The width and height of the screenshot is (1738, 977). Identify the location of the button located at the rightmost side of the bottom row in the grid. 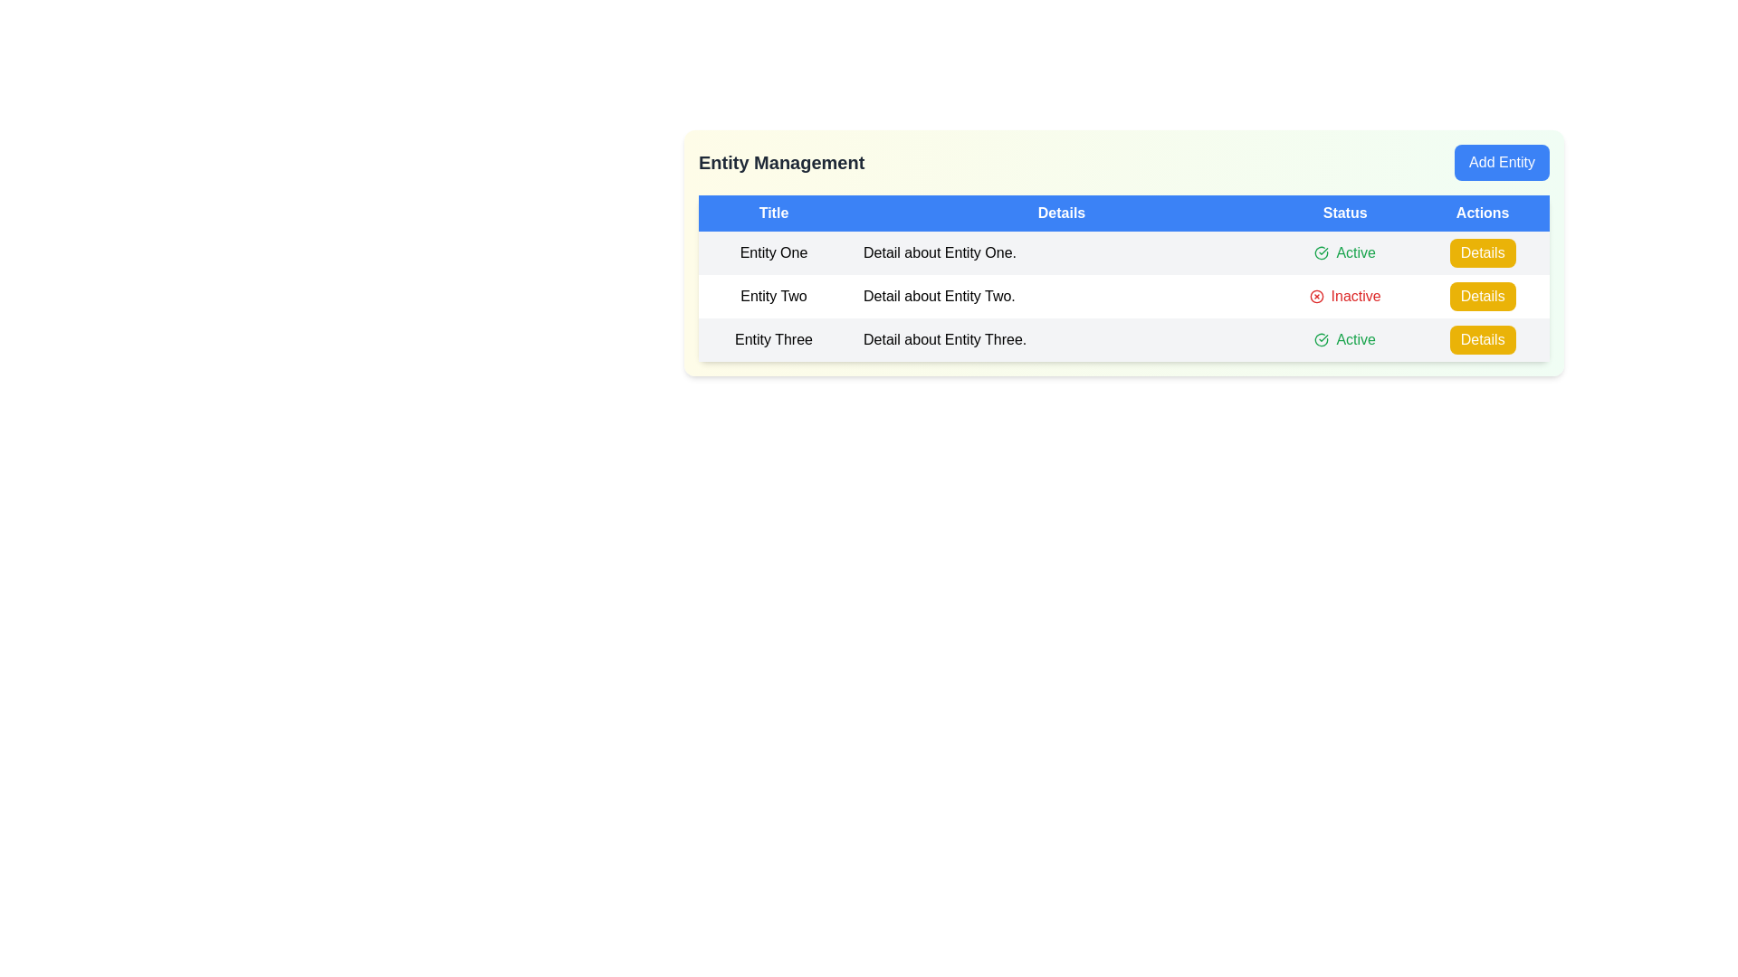
(1482, 339).